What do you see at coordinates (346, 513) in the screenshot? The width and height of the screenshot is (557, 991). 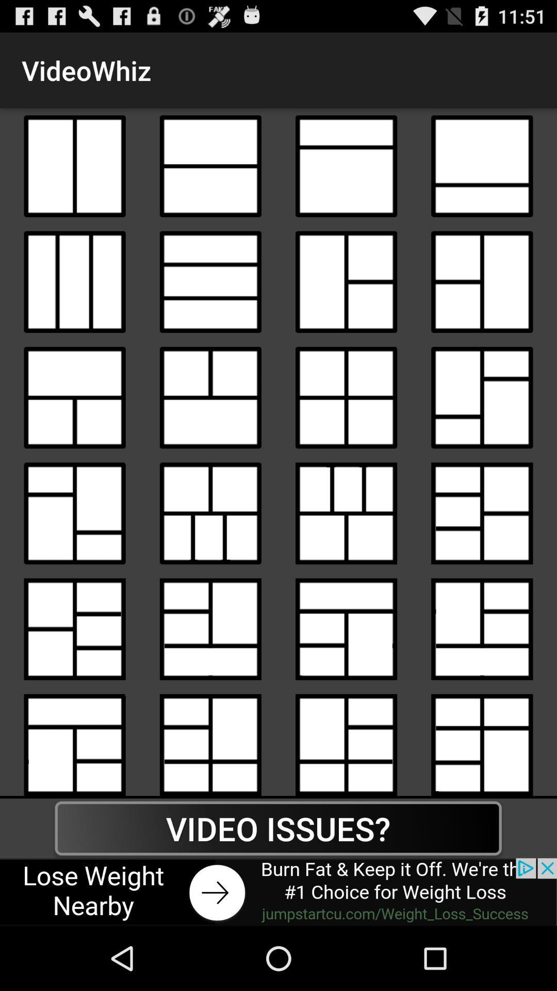 I see `puzzle box` at bounding box center [346, 513].